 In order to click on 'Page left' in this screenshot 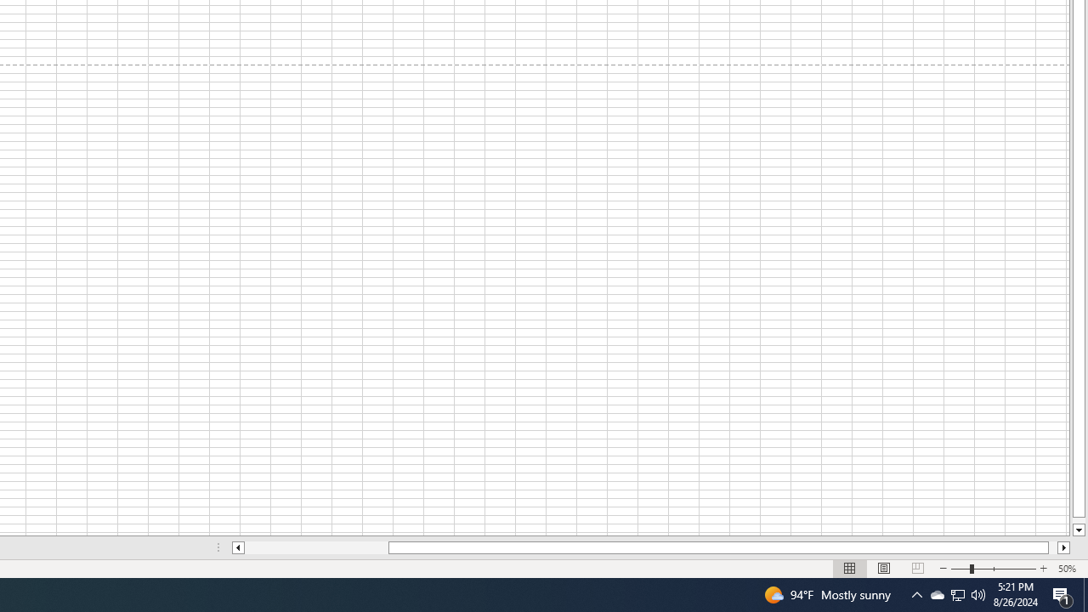, I will do `click(316, 547)`.